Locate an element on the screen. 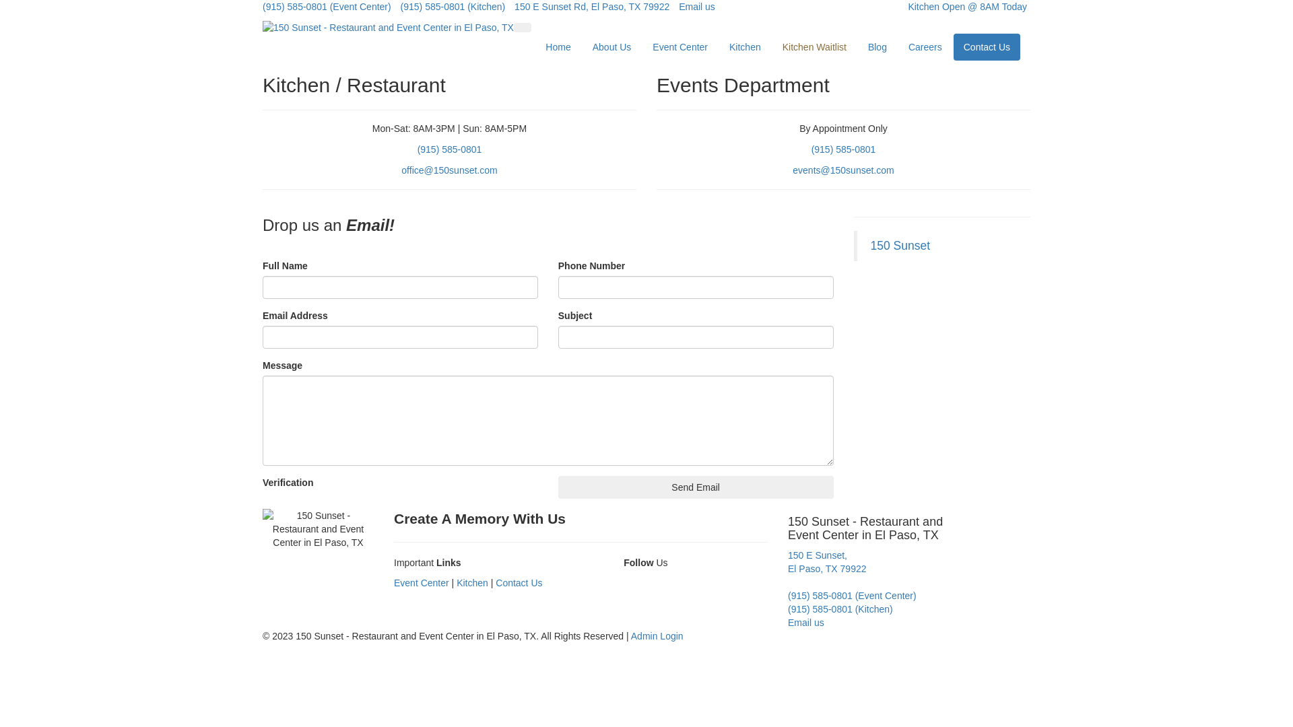  'Email us' is located at coordinates (805, 623).